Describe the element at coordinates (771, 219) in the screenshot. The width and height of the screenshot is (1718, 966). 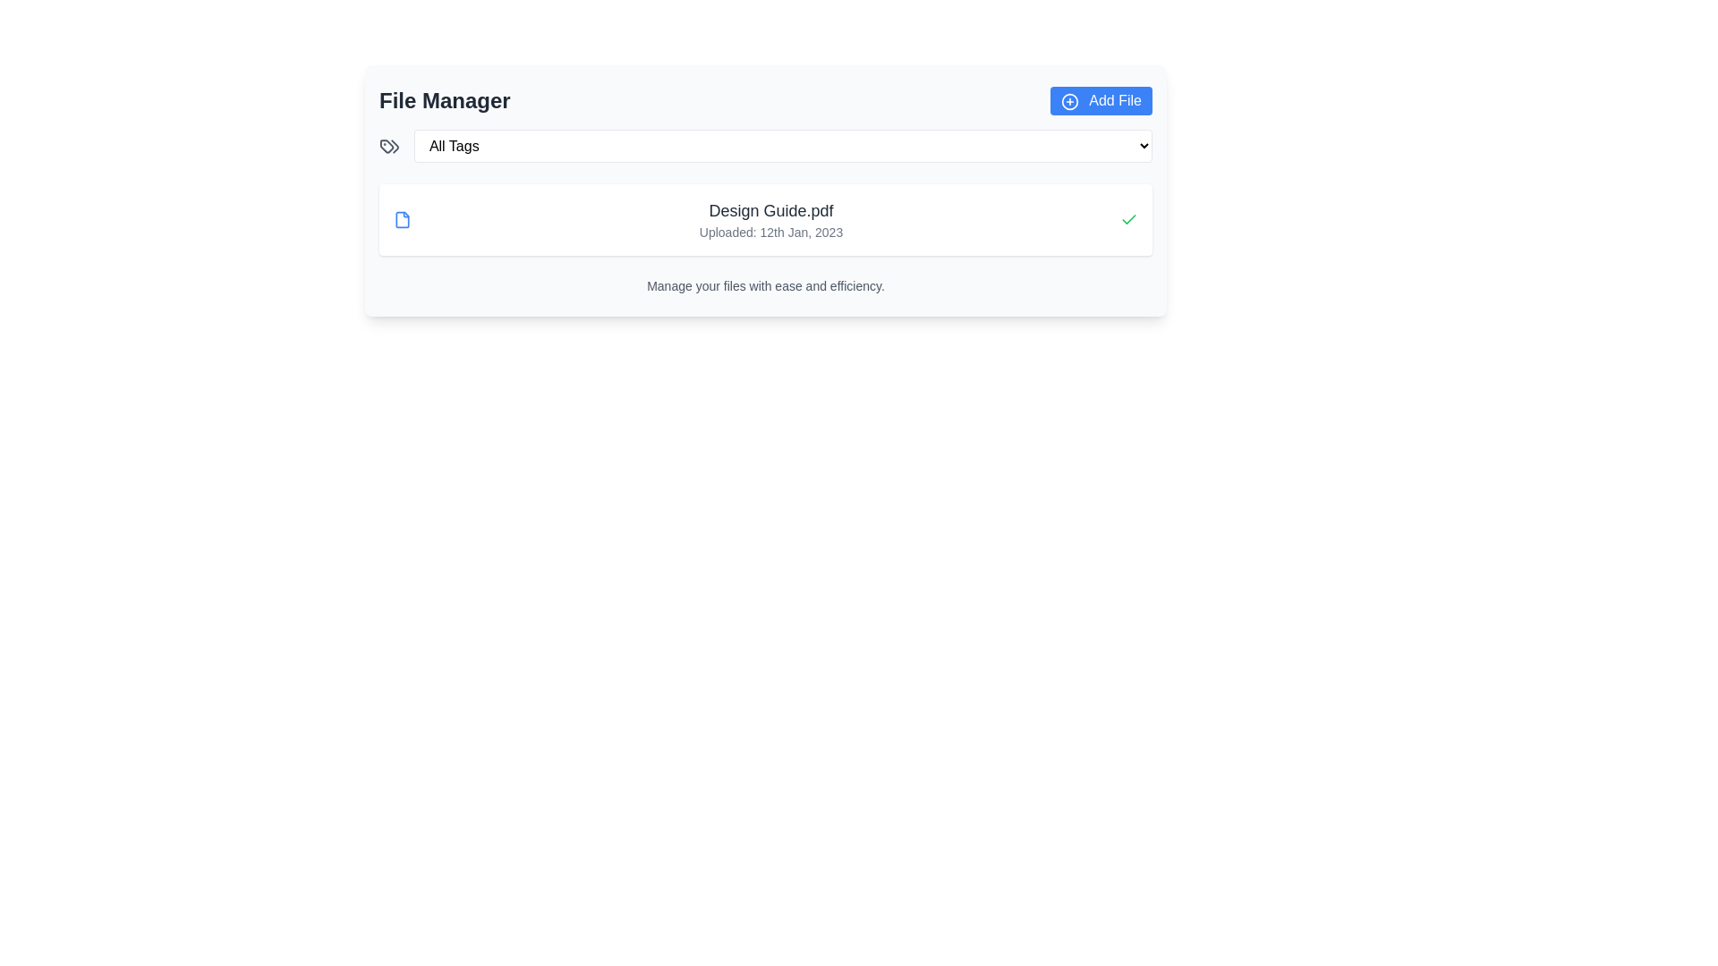
I see `title 'Design Guide.pdf' and the subtitle 'Uploaded: 12th Jan, 2023' from the composite text display in the File Manager interface, located centrally within the list-like component` at that location.